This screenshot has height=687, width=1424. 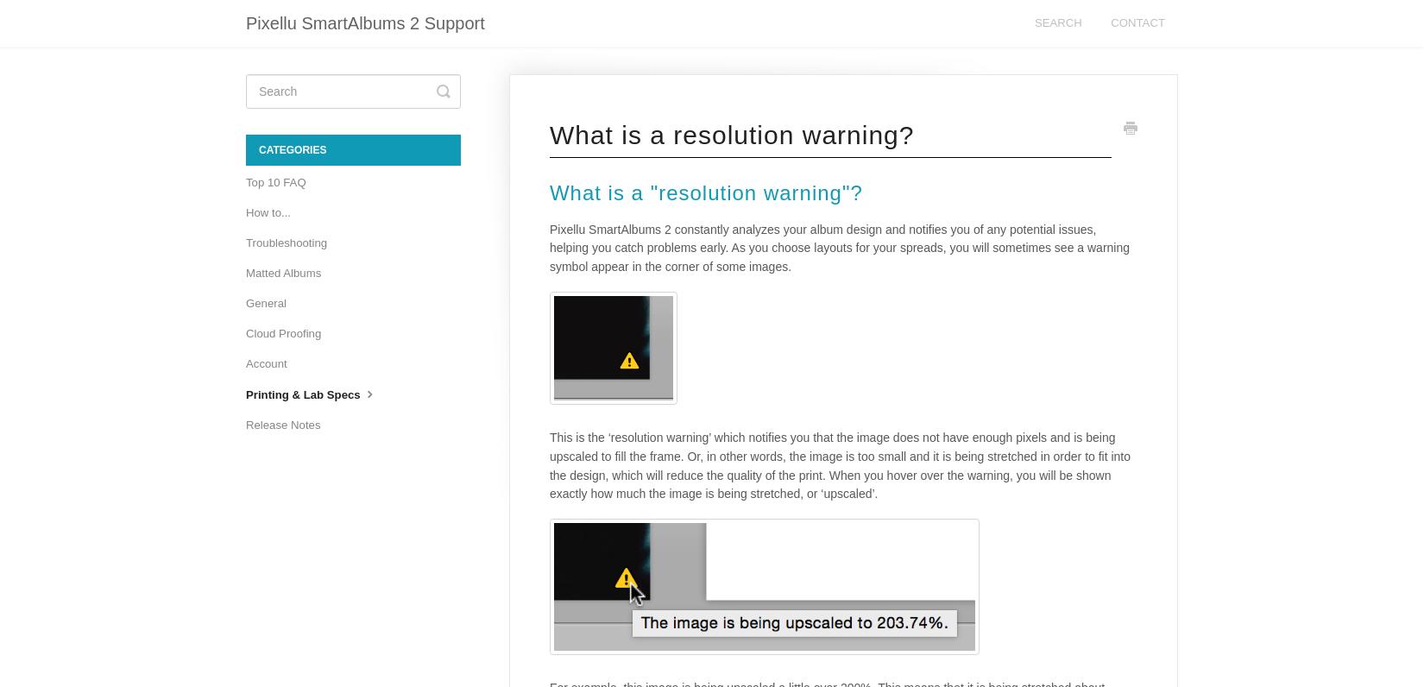 What do you see at coordinates (283, 273) in the screenshot?
I see `'Matted Albums'` at bounding box center [283, 273].